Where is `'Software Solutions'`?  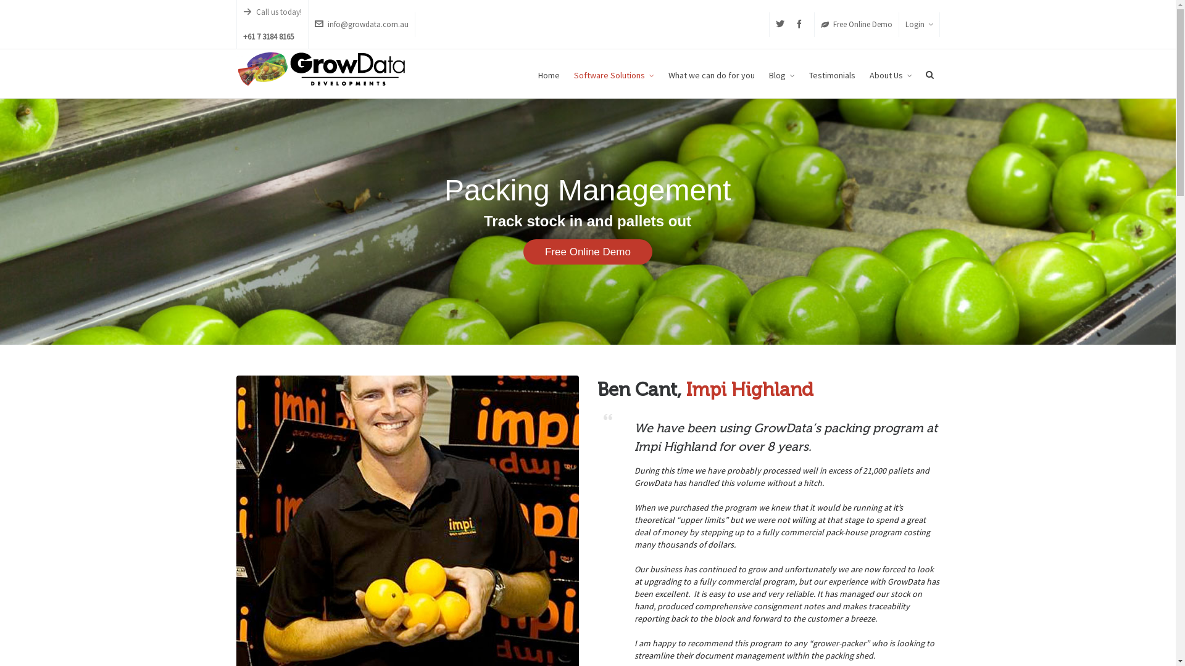
'Software Solutions' is located at coordinates (613, 73).